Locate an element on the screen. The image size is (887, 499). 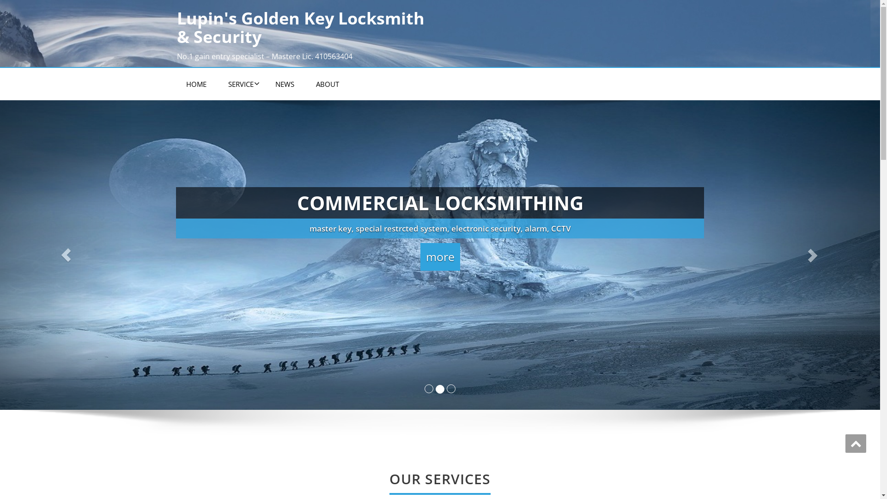
'SERVICE' is located at coordinates (241, 84).